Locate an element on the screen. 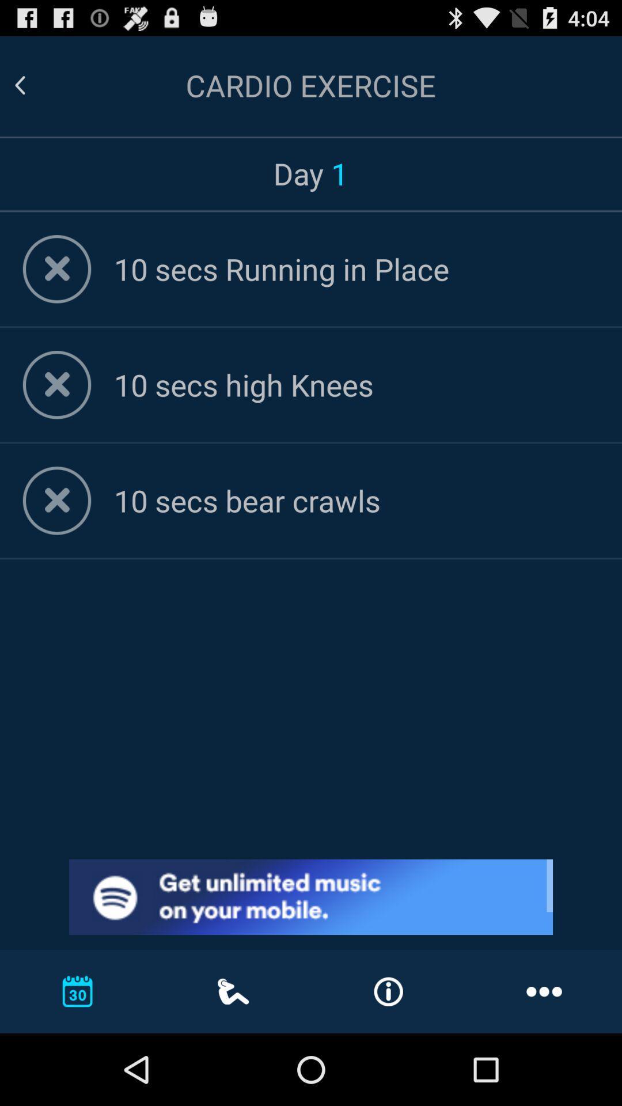 The height and width of the screenshot is (1106, 622). the icon which is in between calendar icon and info icon is located at coordinates (233, 991).